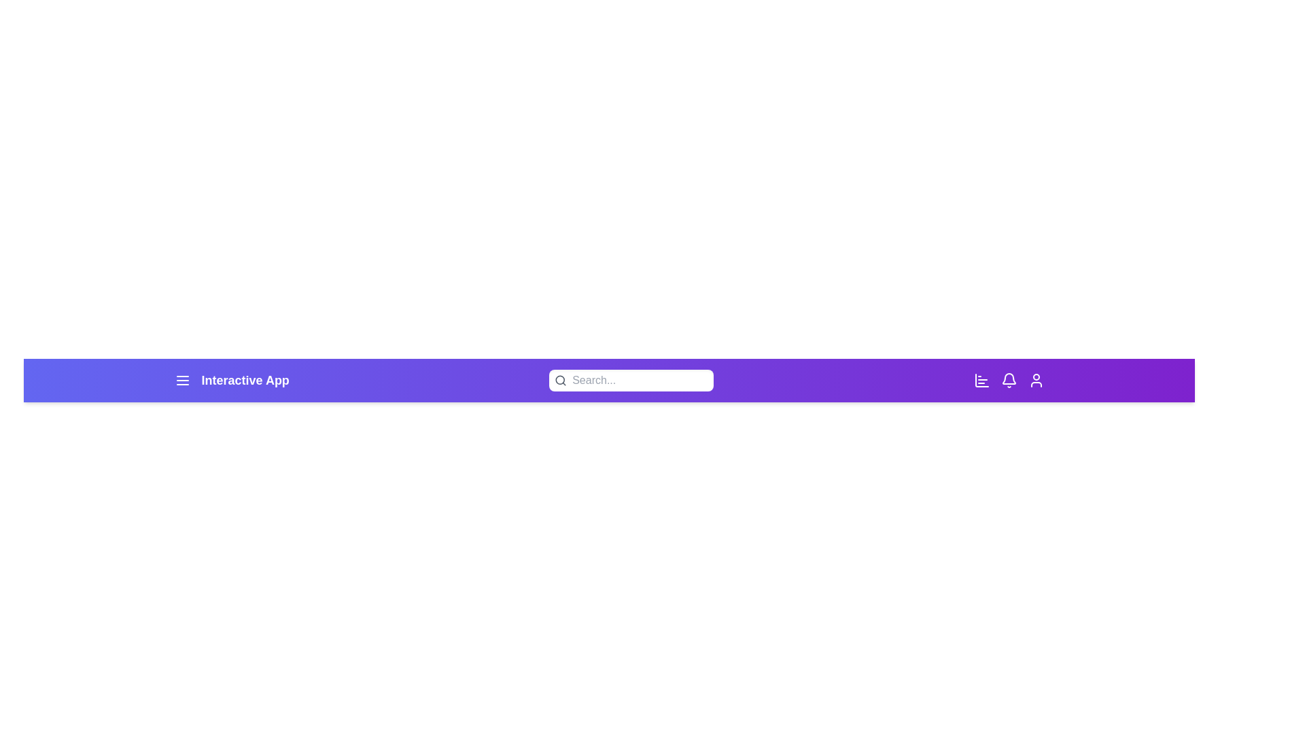 The image size is (1305, 734). Describe the element at coordinates (1035, 380) in the screenshot. I see `the user icon located on the right side of the app bar` at that location.